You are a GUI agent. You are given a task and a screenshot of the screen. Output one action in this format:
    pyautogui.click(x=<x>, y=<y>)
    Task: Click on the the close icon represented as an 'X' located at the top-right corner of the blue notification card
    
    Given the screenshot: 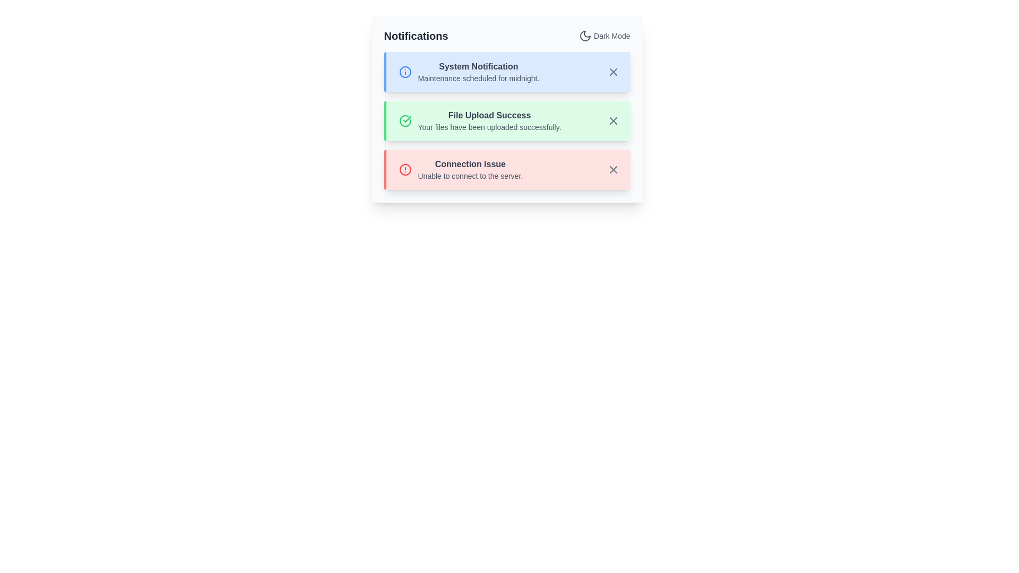 What is the action you would take?
    pyautogui.click(x=613, y=72)
    